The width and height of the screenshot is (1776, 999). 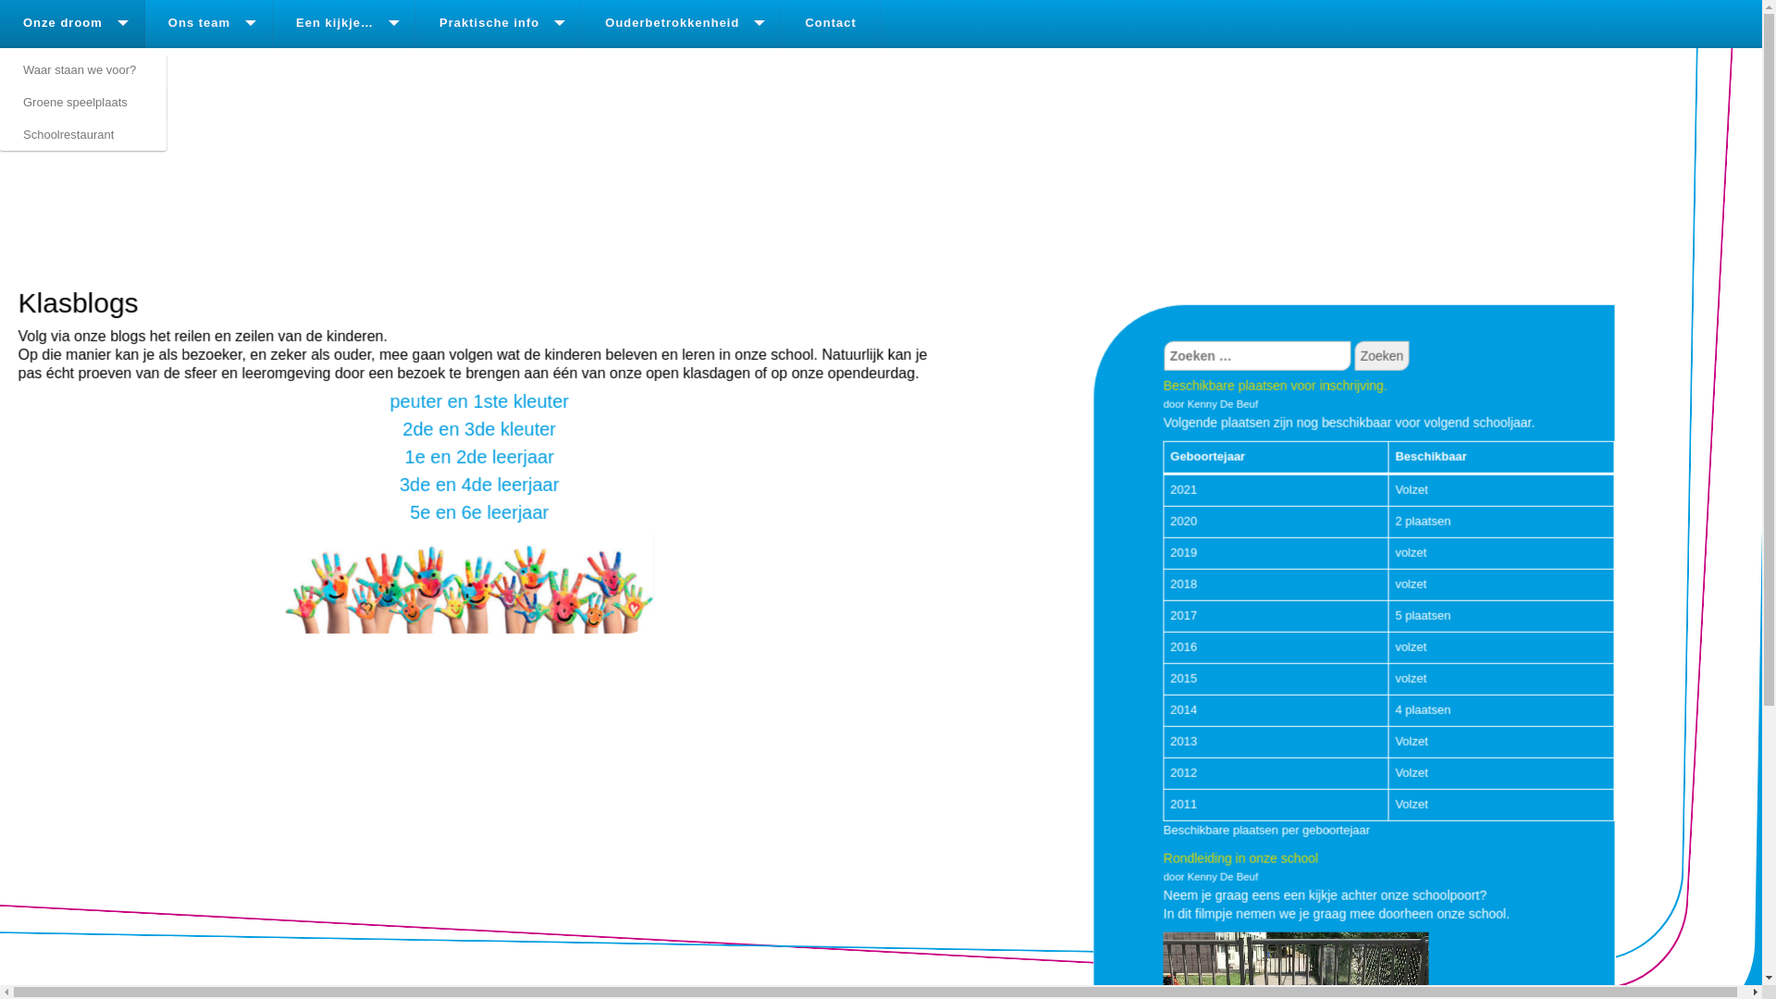 I want to click on 'Praktische info', so click(x=415, y=24).